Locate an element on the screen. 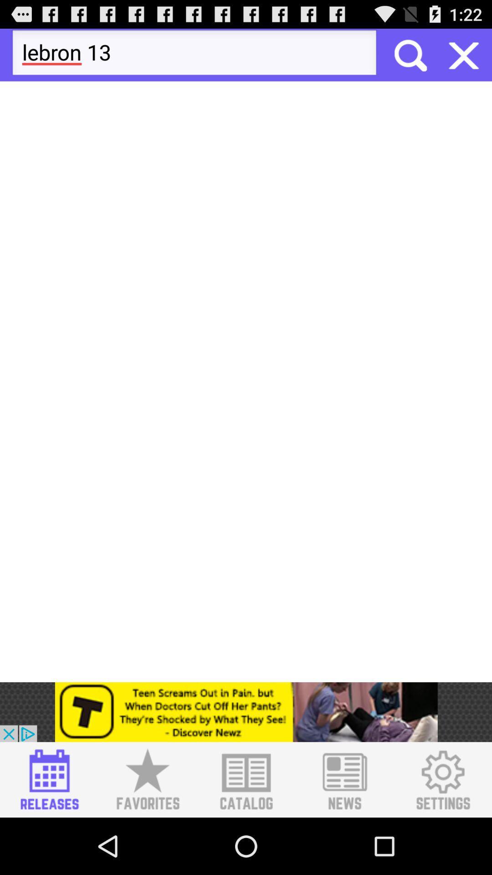 The height and width of the screenshot is (875, 492). the star icon is located at coordinates (147, 834).